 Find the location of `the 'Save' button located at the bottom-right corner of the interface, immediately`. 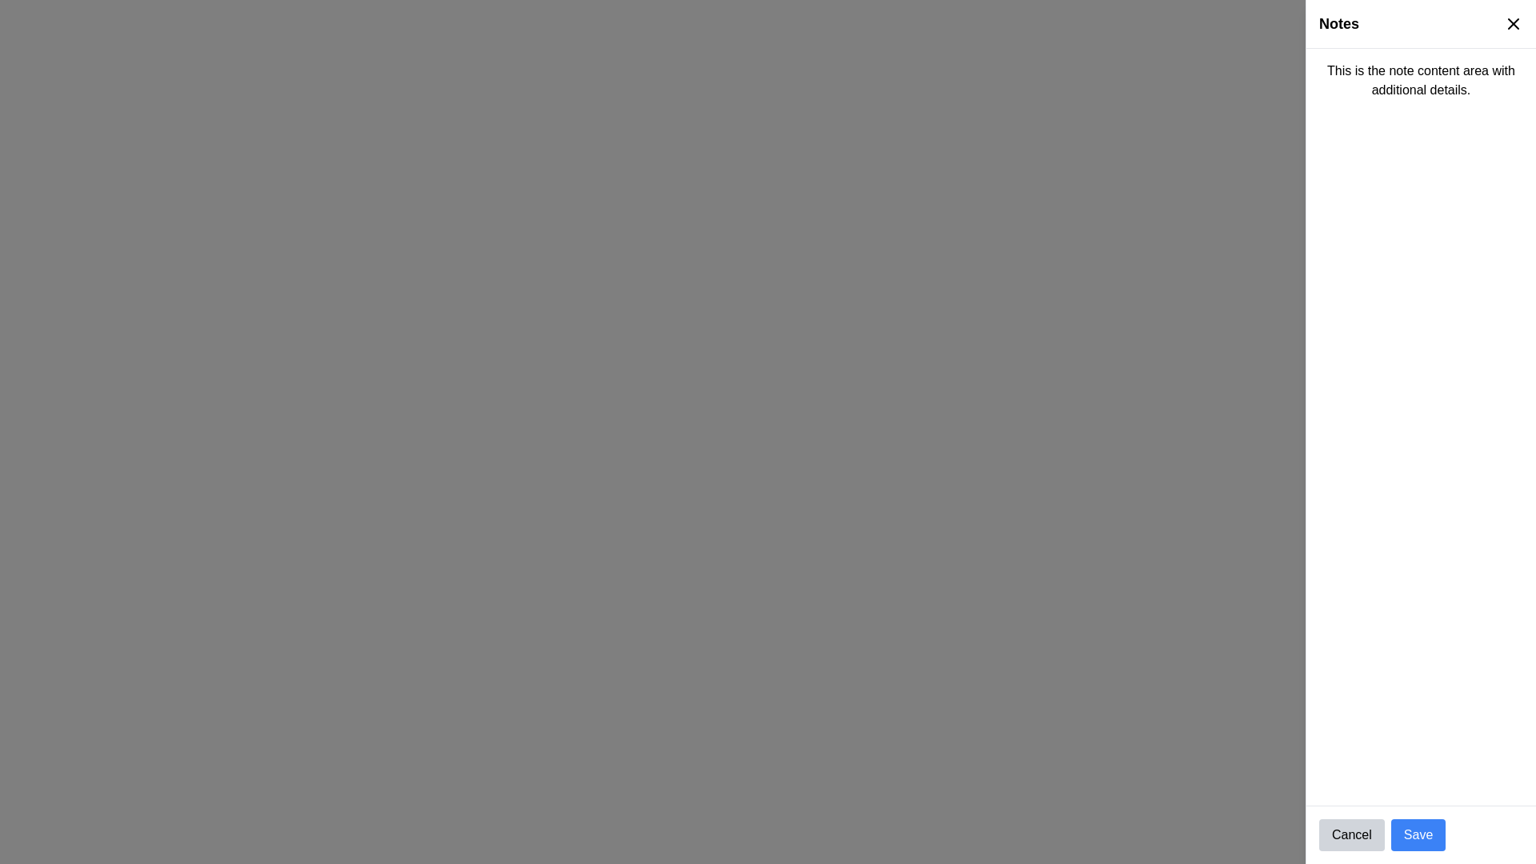

the 'Save' button located at the bottom-right corner of the interface, immediately is located at coordinates (1418, 834).